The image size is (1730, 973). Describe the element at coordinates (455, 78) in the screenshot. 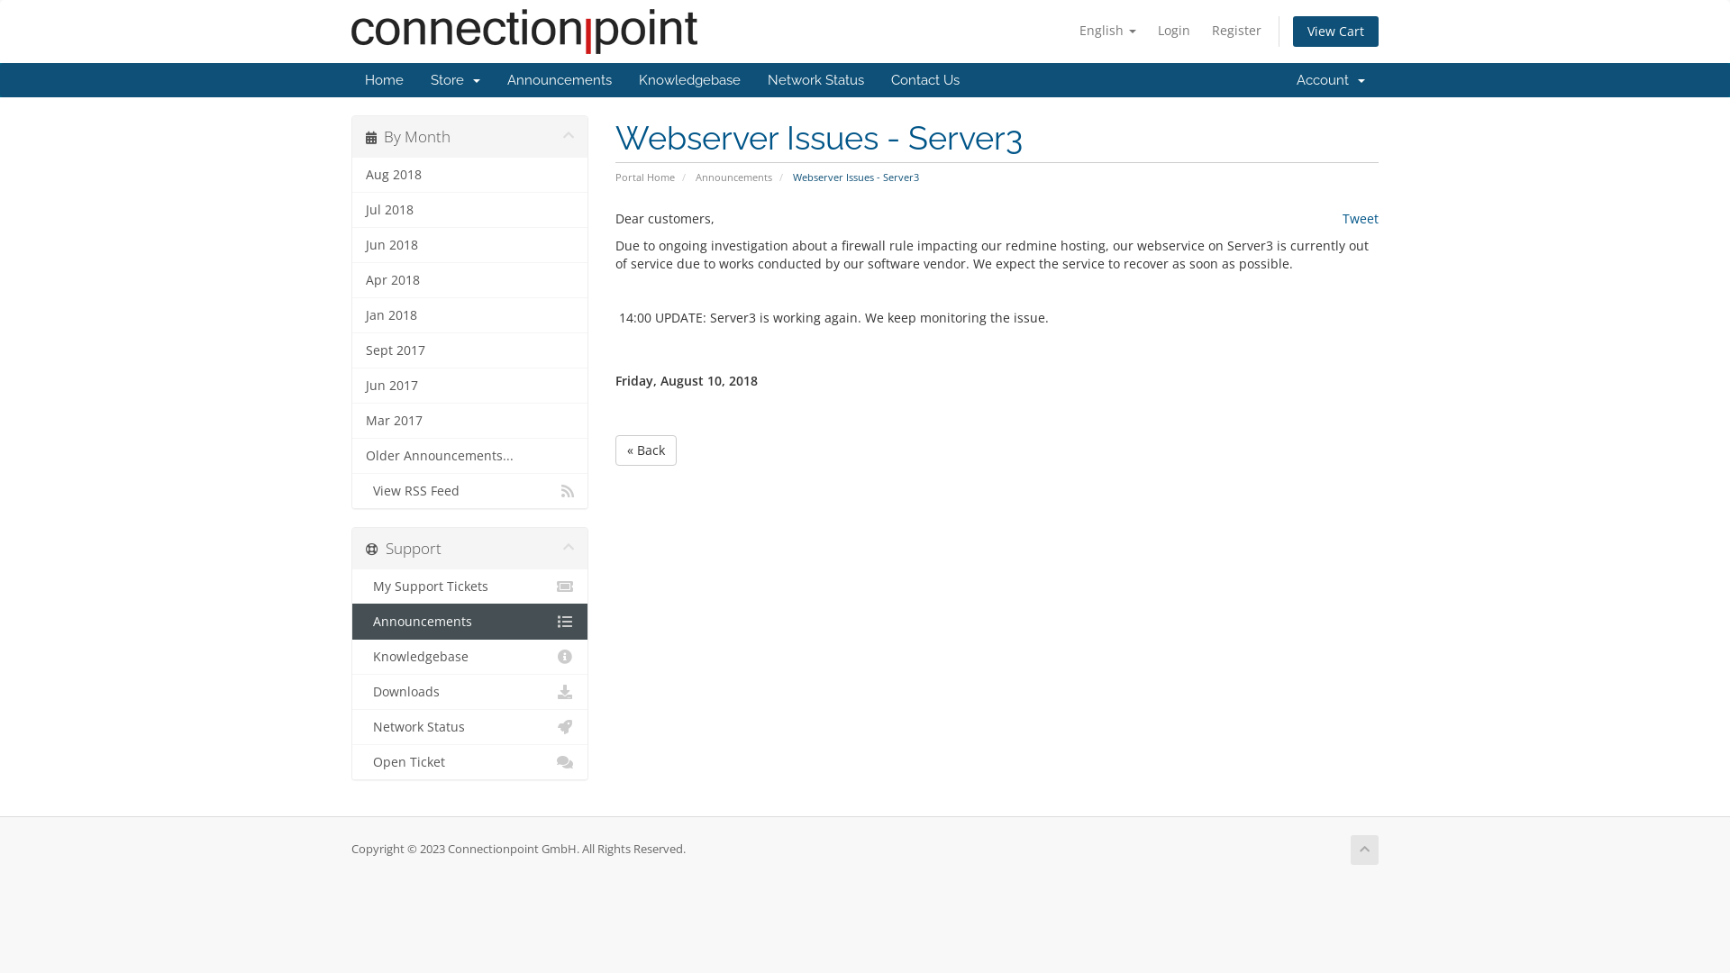

I see `'Store  '` at that location.